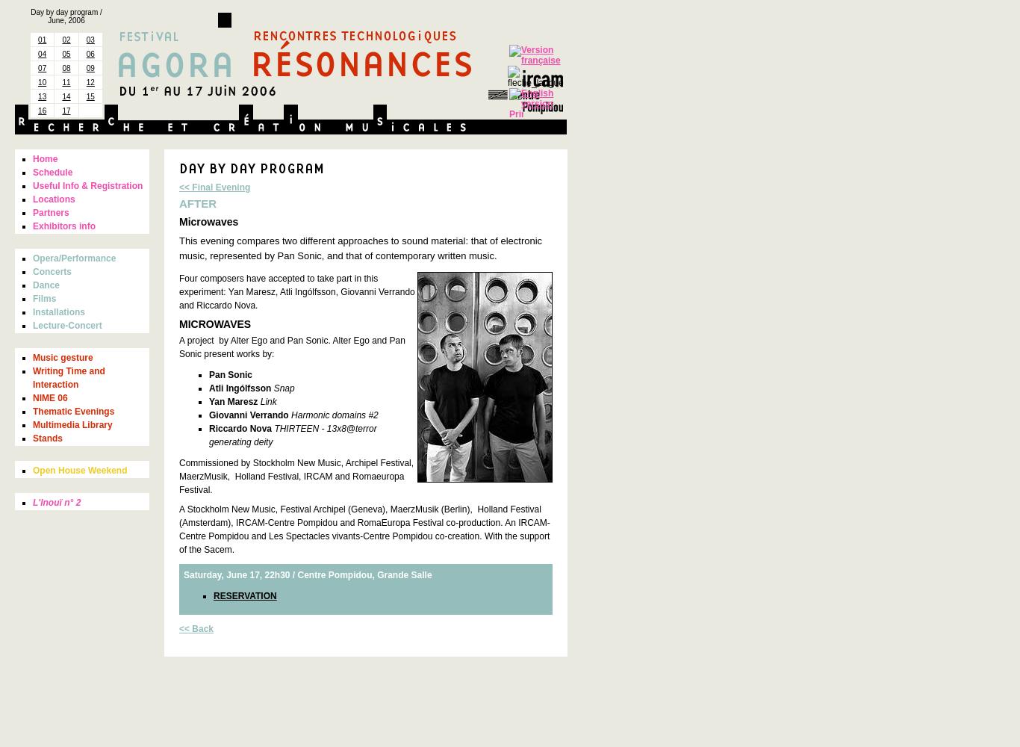  What do you see at coordinates (214, 324) in the screenshot?
I see `'MICROWAVES'` at bounding box center [214, 324].